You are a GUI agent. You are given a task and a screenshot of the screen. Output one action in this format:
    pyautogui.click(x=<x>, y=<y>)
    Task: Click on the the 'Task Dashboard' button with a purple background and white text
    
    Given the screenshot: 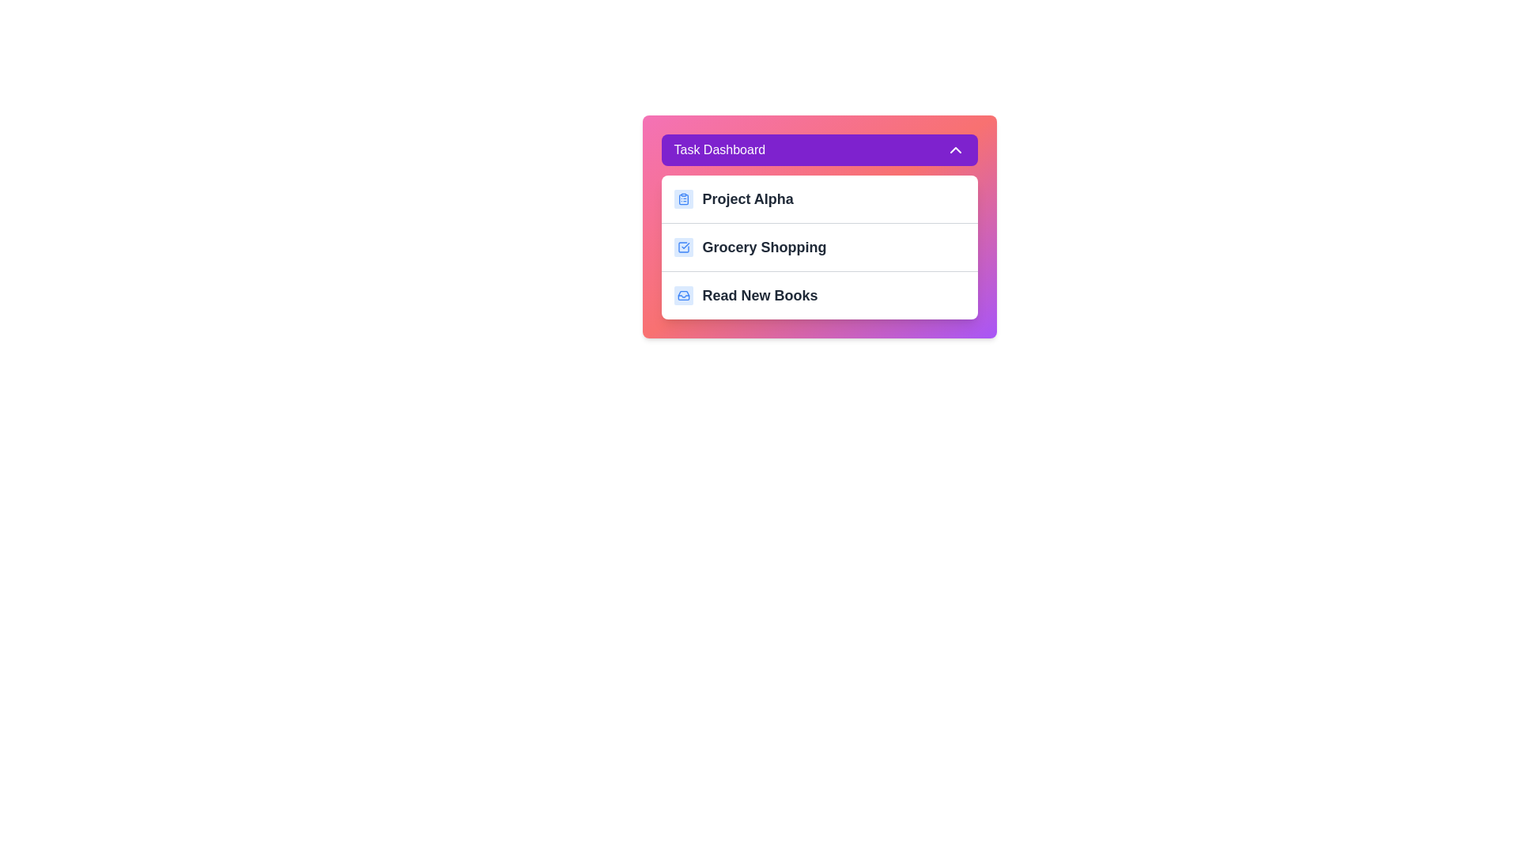 What is the action you would take?
    pyautogui.click(x=819, y=149)
    